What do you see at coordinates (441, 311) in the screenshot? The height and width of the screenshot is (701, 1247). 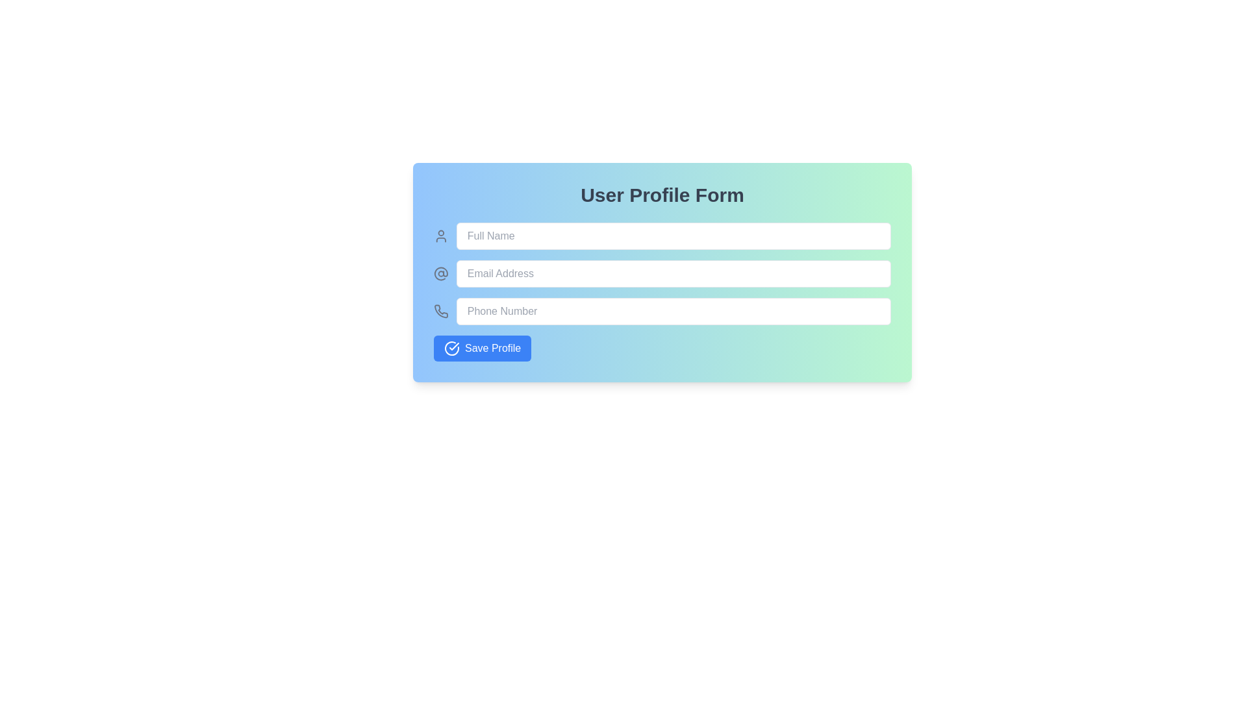 I see `the phone icon, which is a minimalistic gray telephone handset located to the left of the phone number input field` at bounding box center [441, 311].